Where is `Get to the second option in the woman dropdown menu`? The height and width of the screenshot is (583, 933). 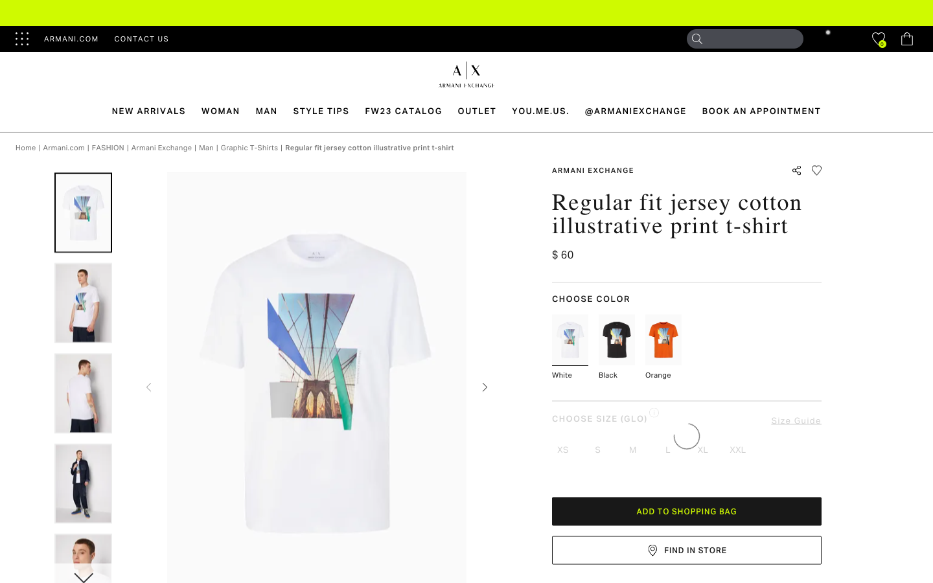 Get to the second option in the woman dropdown menu is located at coordinates (318153, 99984).